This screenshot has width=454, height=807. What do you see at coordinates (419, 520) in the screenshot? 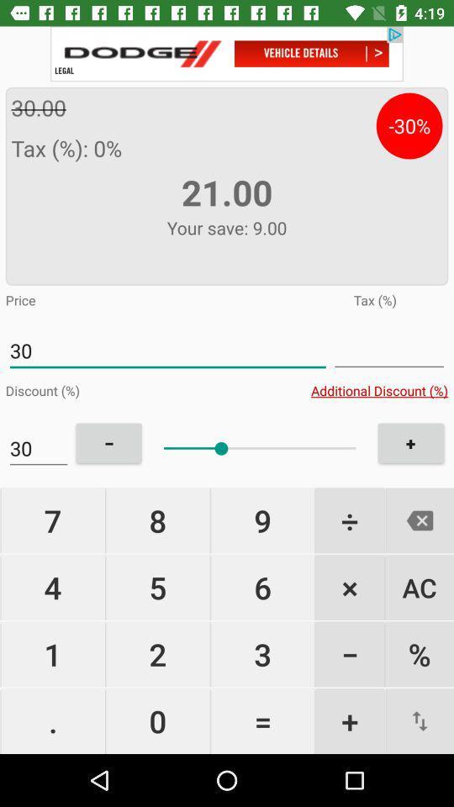
I see `delete text` at bounding box center [419, 520].